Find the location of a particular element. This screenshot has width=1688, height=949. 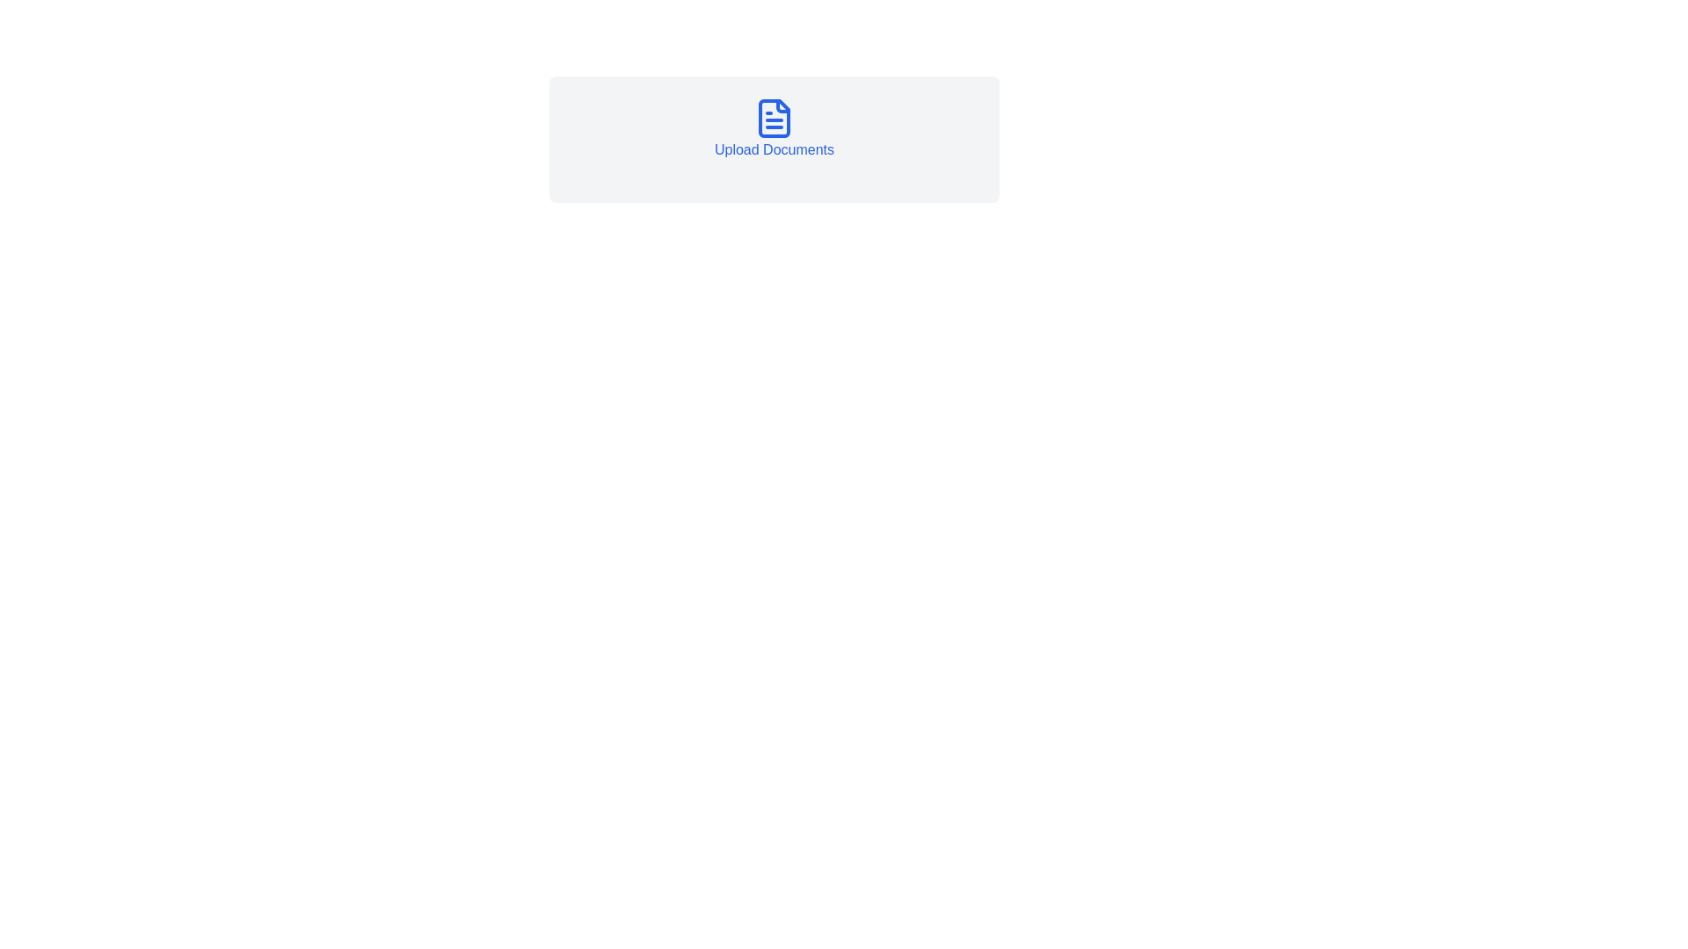

the small graphical feature resembling a line segment in the top-right section of the document-shaped icon within the SVG element is located at coordinates (782, 105).